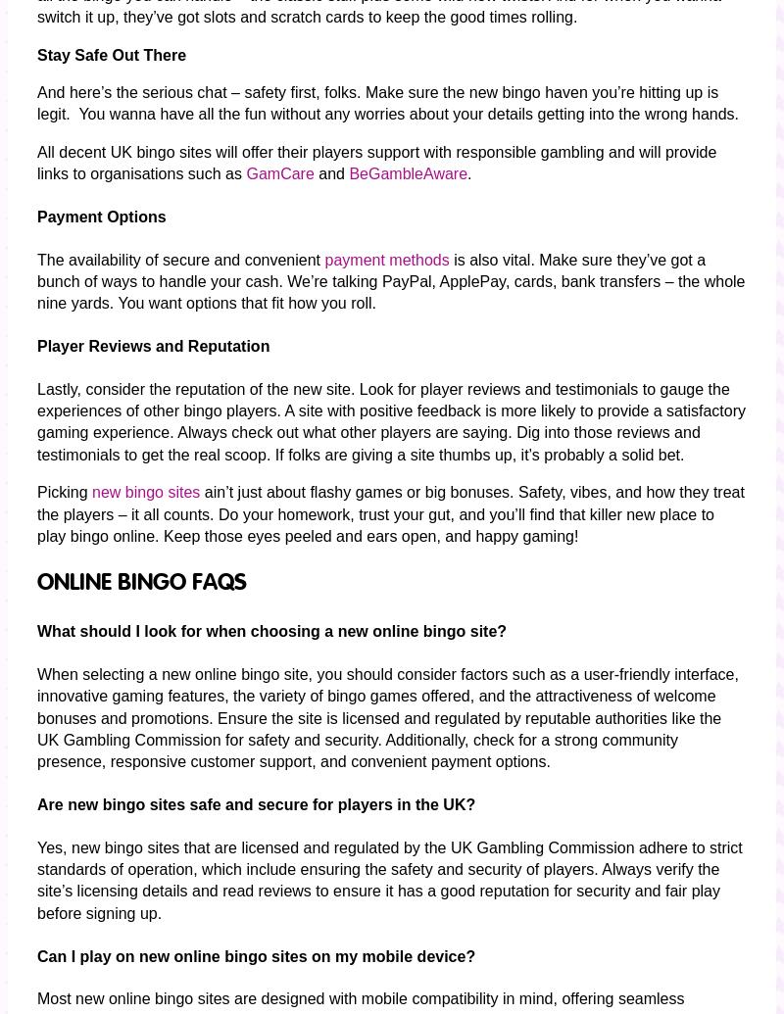 This screenshot has width=784, height=1014. Describe the element at coordinates (389, 512) in the screenshot. I see `'ain’t just about flashy games or big bonuses. Safety, vibes, and how they treat the players – it all counts. Do your homework, trust your gut, and you’ll find that killer new place to play bingo online. Keep those eyes peeled and ears open, and happy gaming!'` at that location.